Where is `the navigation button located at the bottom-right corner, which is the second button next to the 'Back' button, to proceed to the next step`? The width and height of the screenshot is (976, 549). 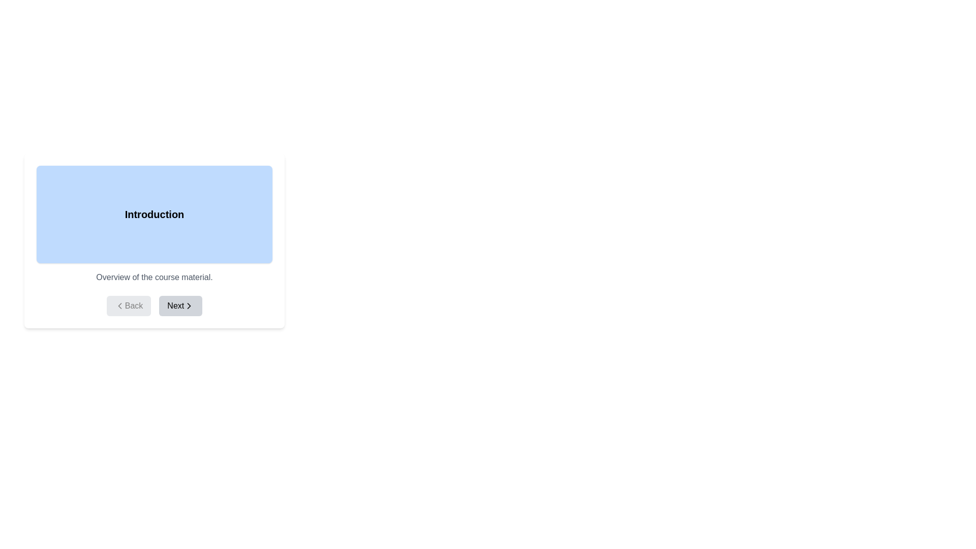 the navigation button located at the bottom-right corner, which is the second button next to the 'Back' button, to proceed to the next step is located at coordinates (180, 305).